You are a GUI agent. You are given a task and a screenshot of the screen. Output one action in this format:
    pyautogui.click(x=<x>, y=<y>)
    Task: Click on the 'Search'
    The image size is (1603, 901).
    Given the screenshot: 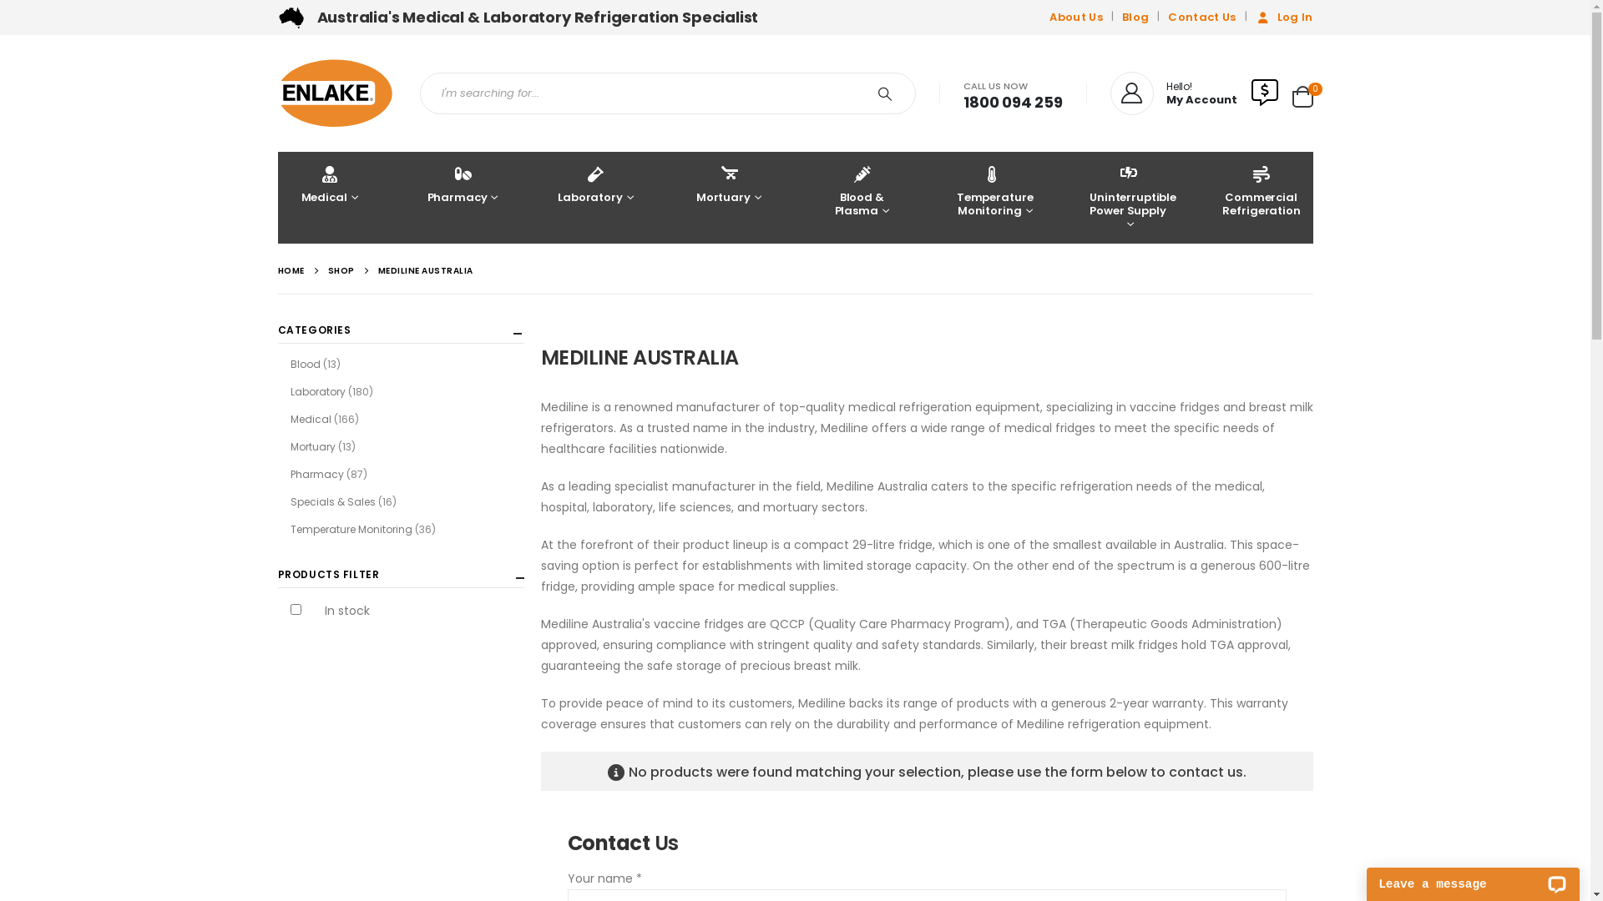 What is the action you would take?
    pyautogui.click(x=862, y=93)
    